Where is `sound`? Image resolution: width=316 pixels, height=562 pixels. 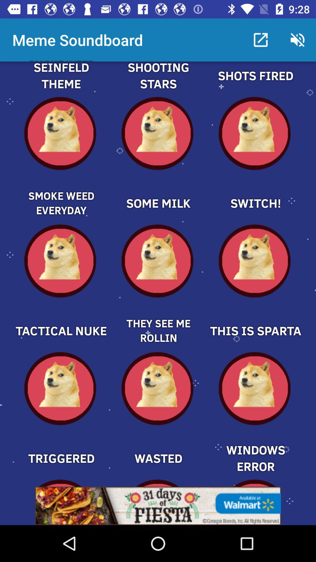
sound is located at coordinates (255, 82).